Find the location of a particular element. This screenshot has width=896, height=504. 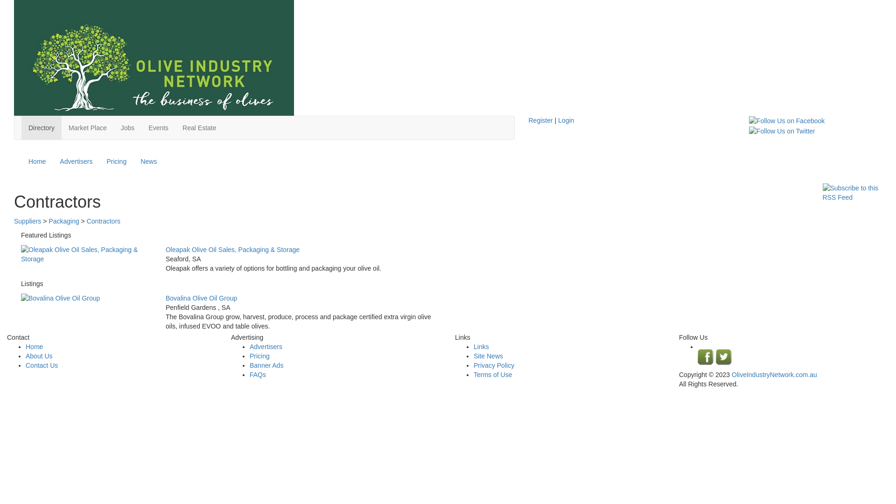

'Home' is located at coordinates (37, 161).